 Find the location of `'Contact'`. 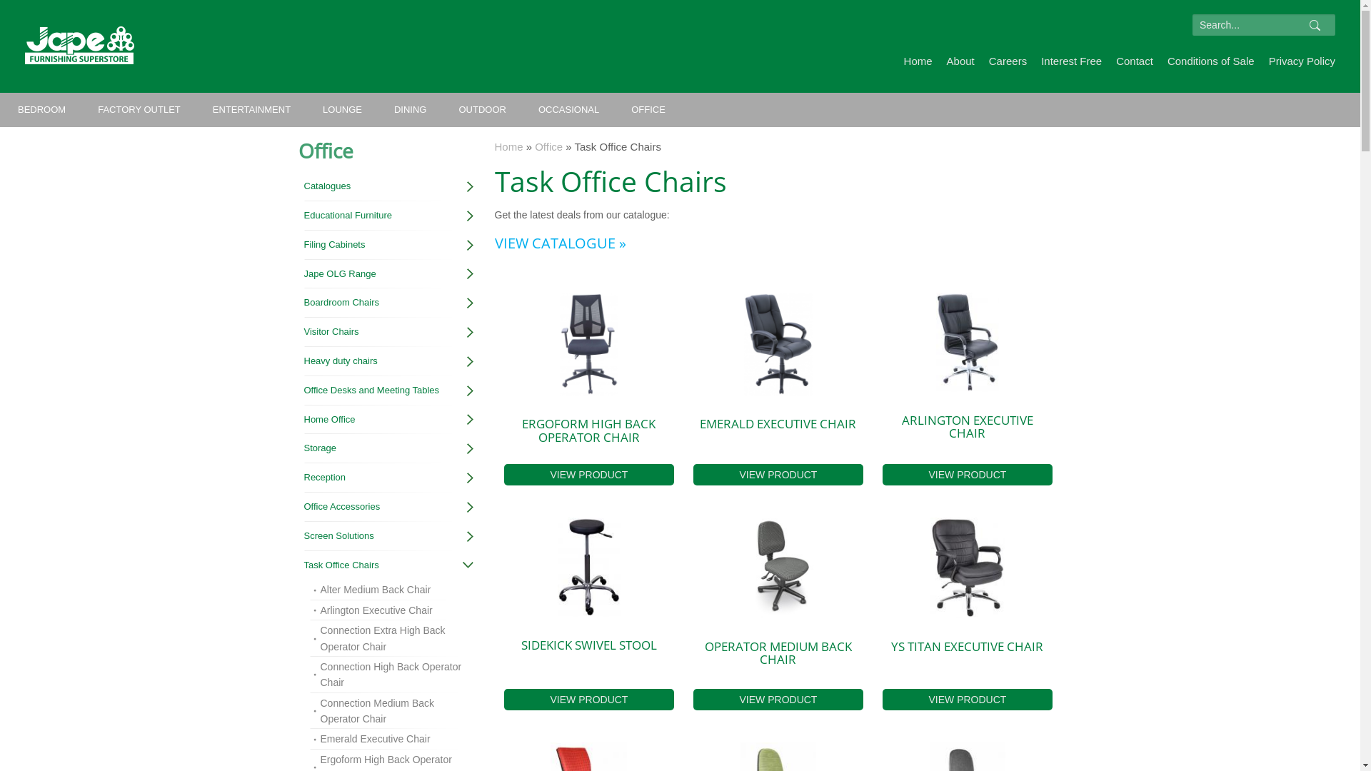

'Contact' is located at coordinates (1133, 60).